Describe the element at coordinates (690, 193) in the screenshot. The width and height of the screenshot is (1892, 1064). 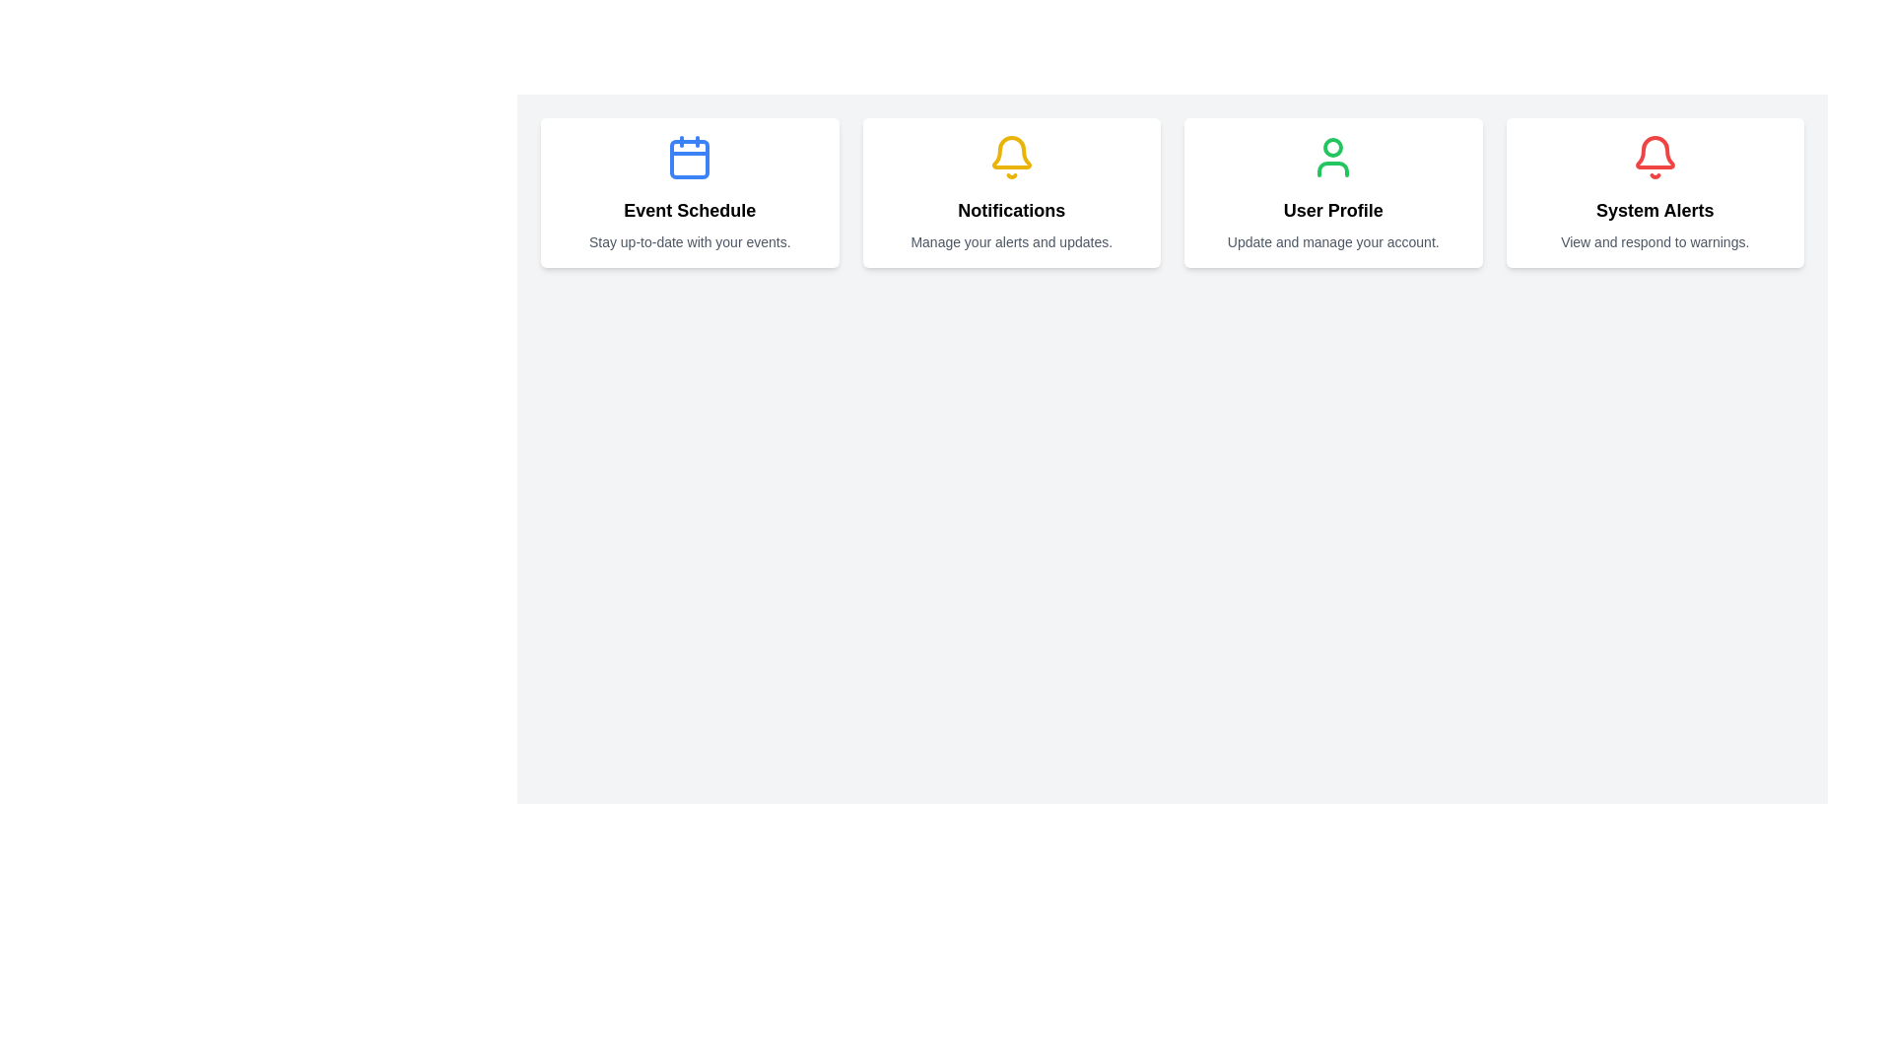
I see `the Informational card for the 'Event Schedule' feature located in the top-left corner of the grid layout` at that location.